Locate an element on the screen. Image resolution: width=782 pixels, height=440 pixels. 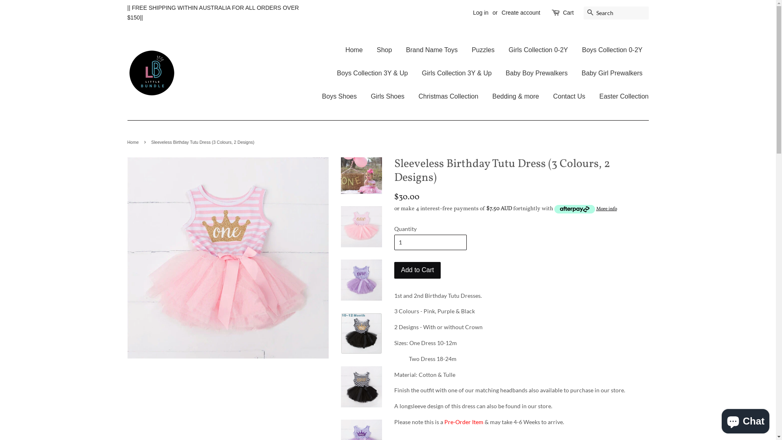
'Girls Collection 3Y & Up' is located at coordinates (457, 73).